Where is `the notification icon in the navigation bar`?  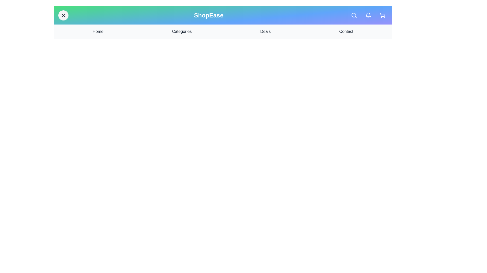 the notification icon in the navigation bar is located at coordinates (368, 15).